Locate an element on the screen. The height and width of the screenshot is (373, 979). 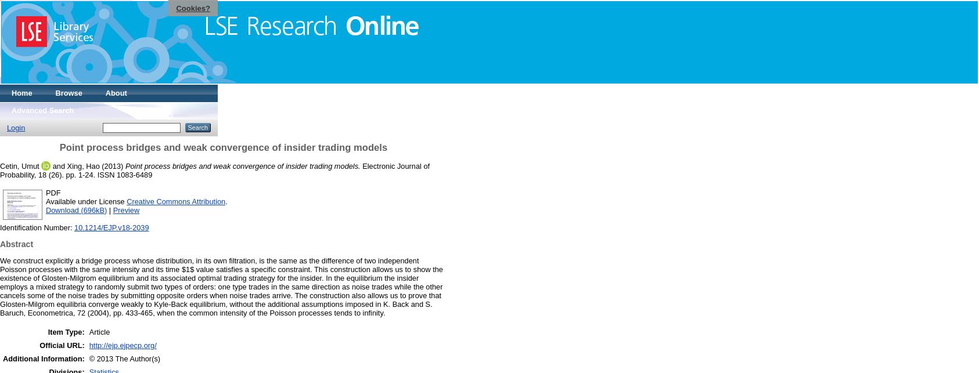
'Electronic Journal of Probability, 18 (26).
     pp. 1-24.
     ISSN 1083-6489' is located at coordinates (214, 170).